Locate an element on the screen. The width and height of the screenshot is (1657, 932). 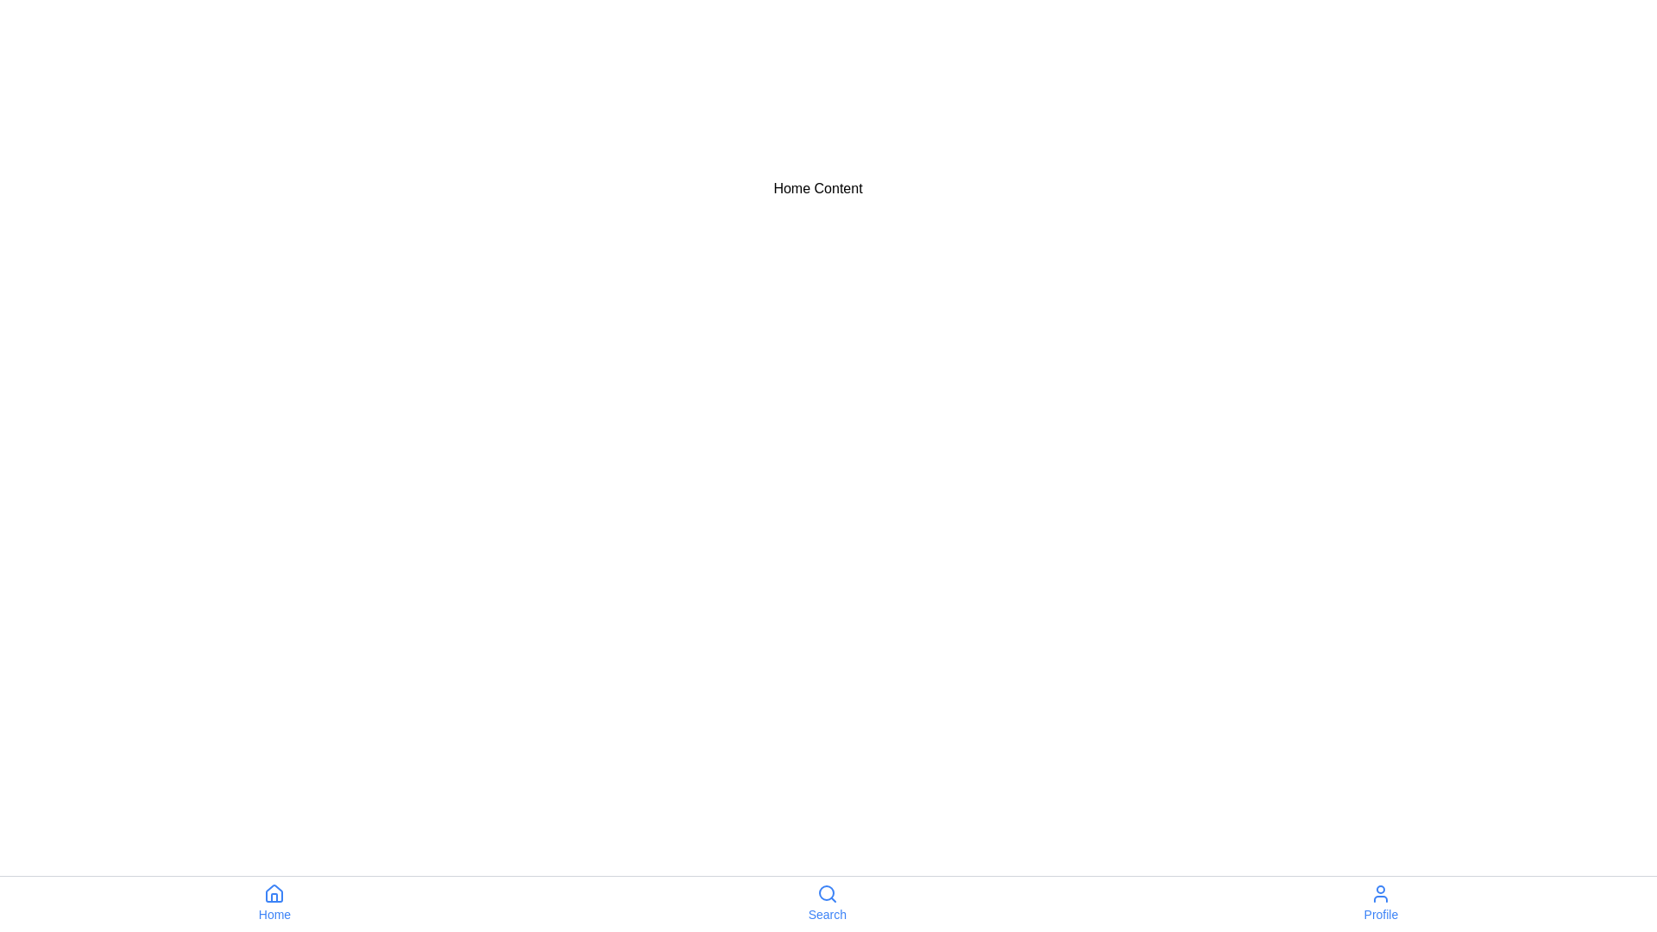
the 'Search' text label located centrally within the bottom navigation bar, directly beneath the magnifying glass icon, to interact with the search functionality is located at coordinates (826, 914).